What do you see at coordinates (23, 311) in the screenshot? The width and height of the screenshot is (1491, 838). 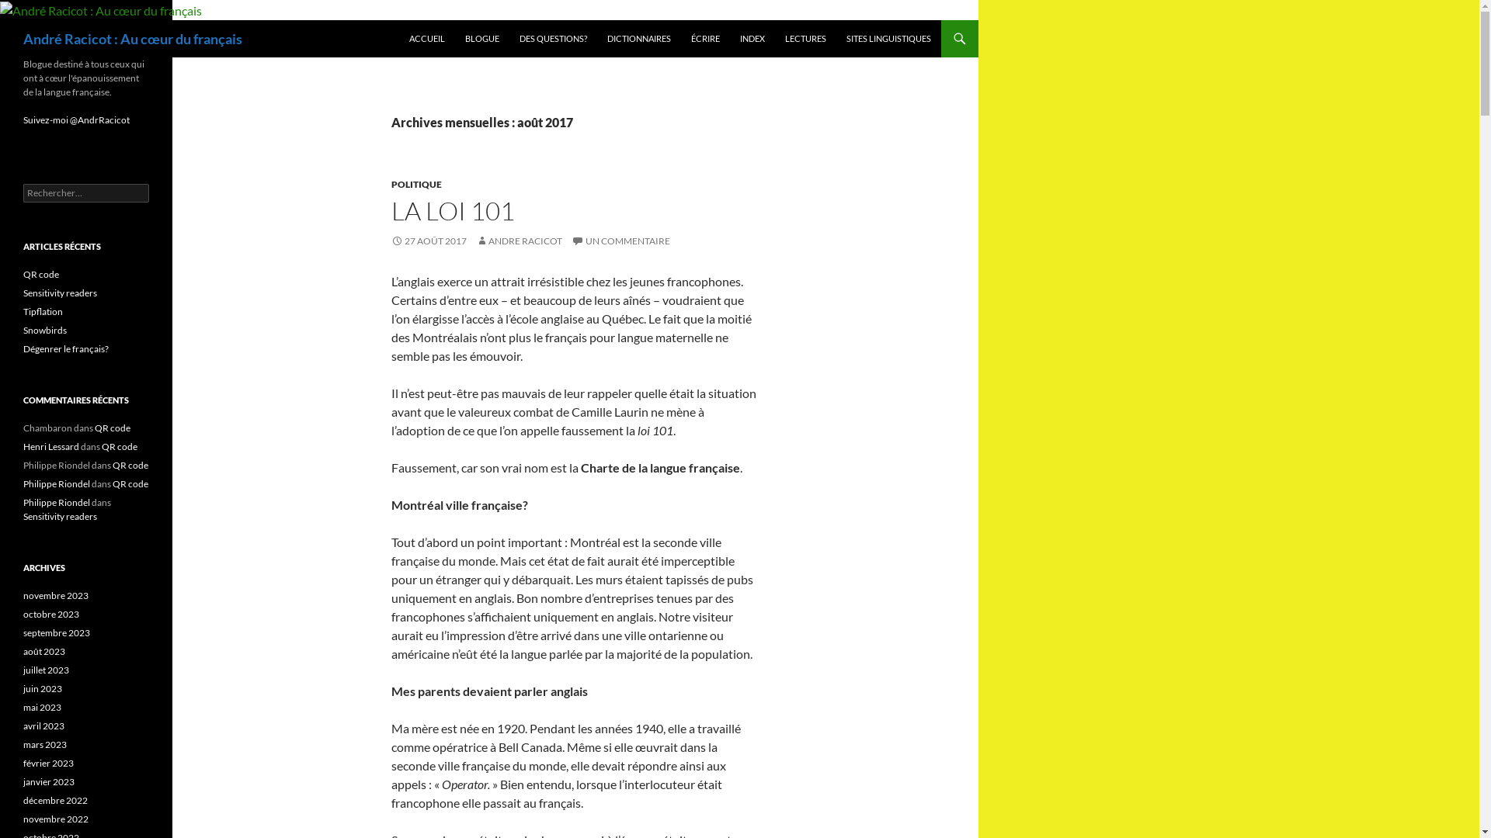 I see `'Tipflation'` at bounding box center [23, 311].